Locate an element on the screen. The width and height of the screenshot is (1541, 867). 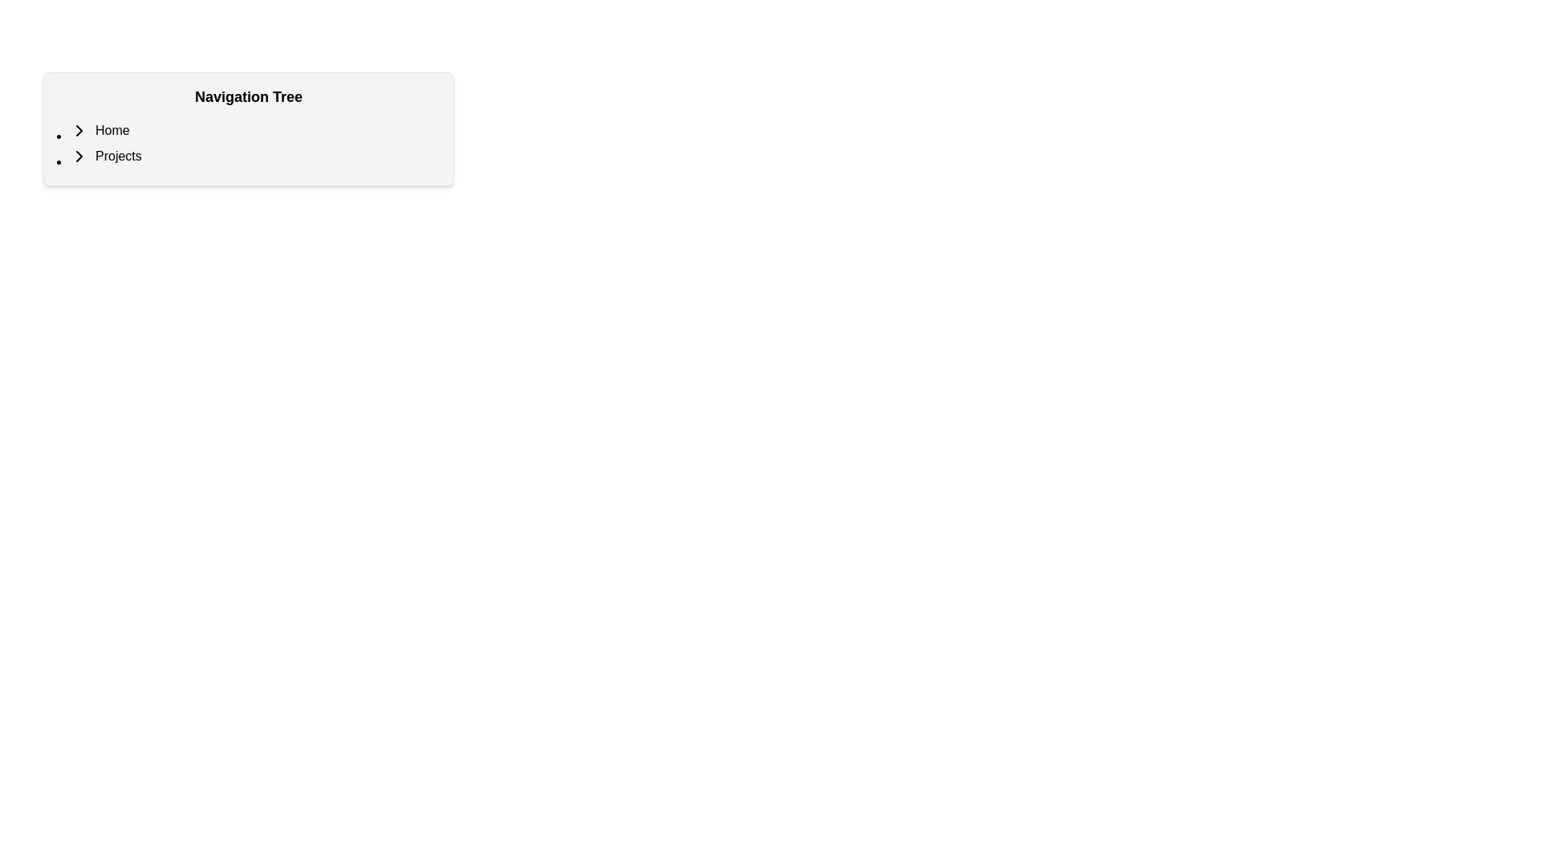
the button located to the left of the 'Projects' label is located at coordinates (79, 157).